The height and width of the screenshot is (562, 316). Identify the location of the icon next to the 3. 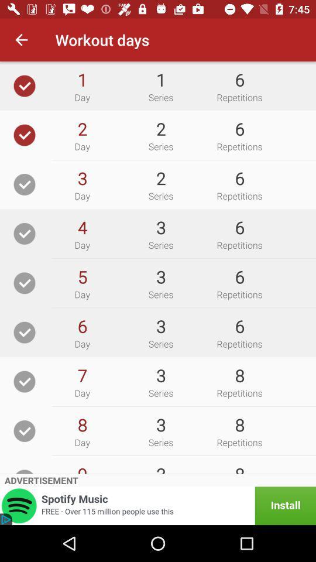
(81, 227).